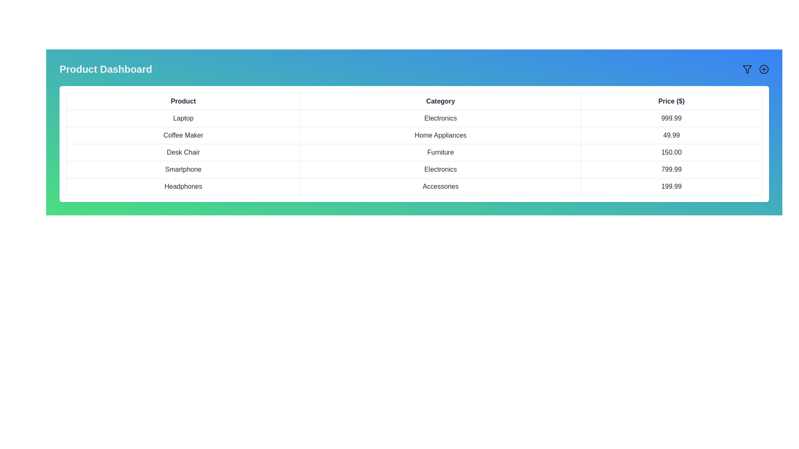 This screenshot has height=449, width=799. I want to click on the 'Furniture' text label in the second column of the table, which is aligned with the 'Category' header and located in the third row, so click(440, 152).